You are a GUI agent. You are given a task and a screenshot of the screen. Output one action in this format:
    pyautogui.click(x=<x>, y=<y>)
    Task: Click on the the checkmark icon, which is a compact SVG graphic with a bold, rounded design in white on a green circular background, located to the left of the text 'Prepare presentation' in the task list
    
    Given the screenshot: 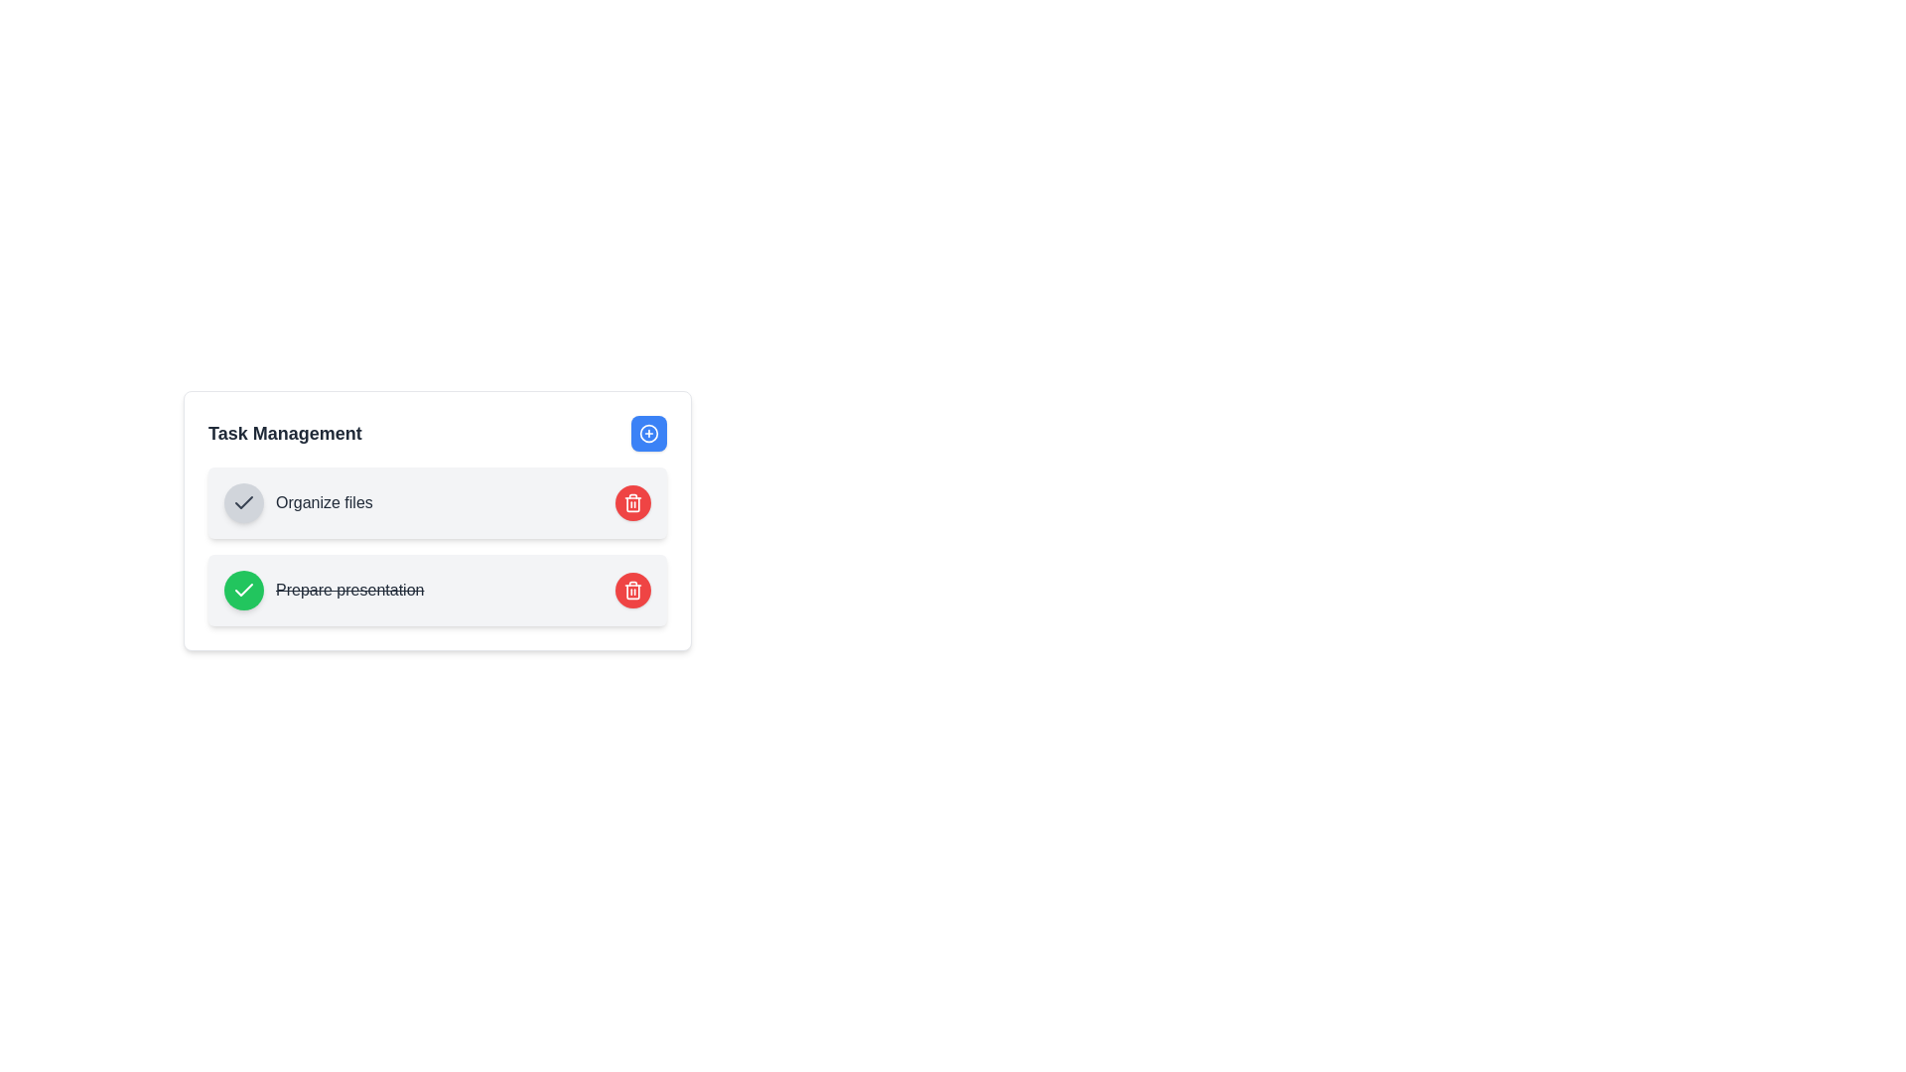 What is the action you would take?
    pyautogui.click(x=242, y=589)
    